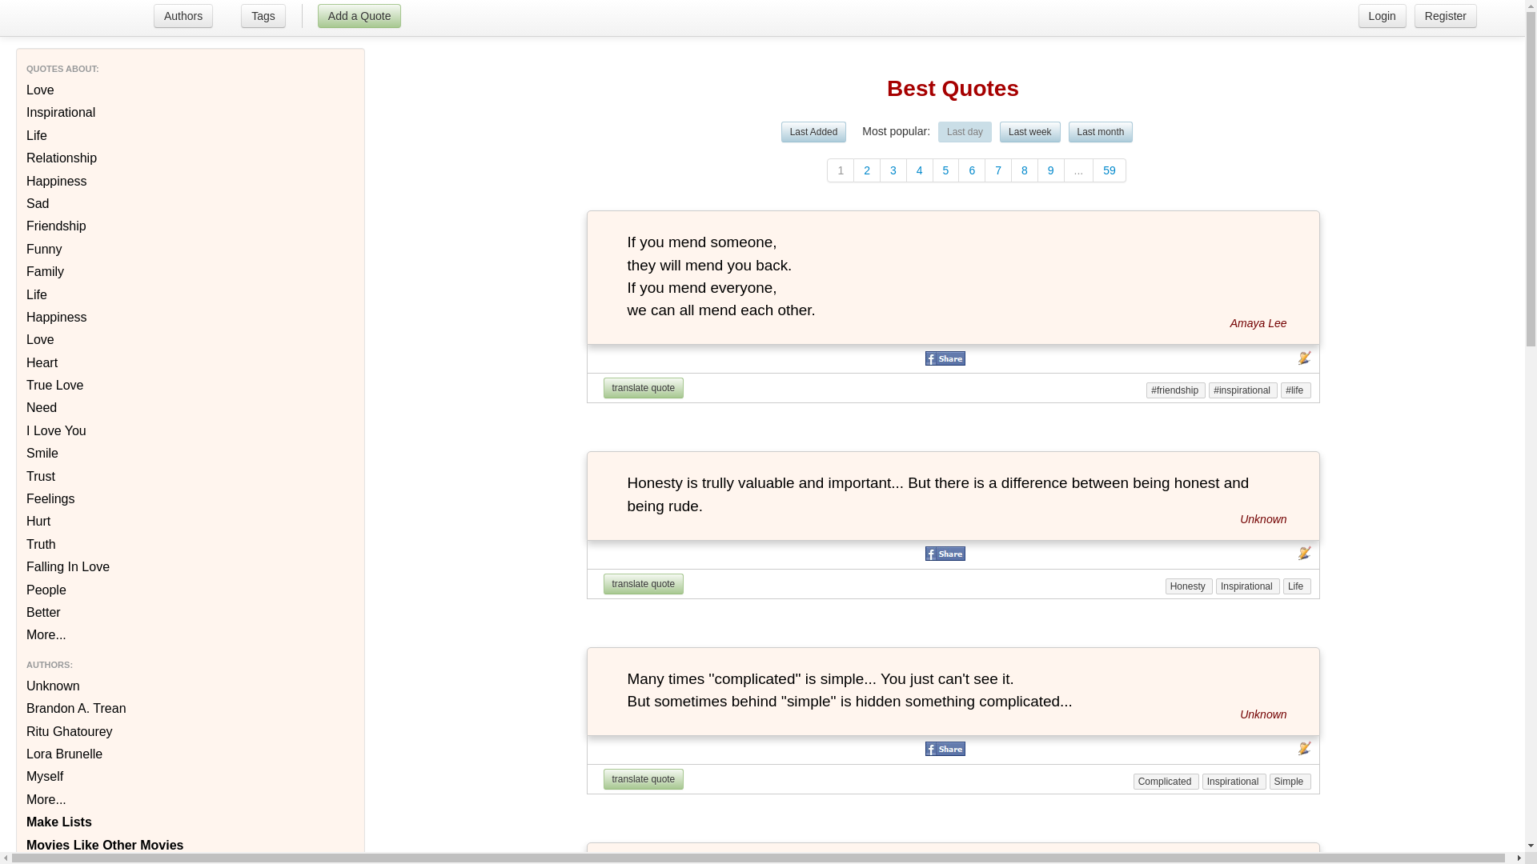  What do you see at coordinates (14, 844) in the screenshot?
I see `'Movies Like Other Movies'` at bounding box center [14, 844].